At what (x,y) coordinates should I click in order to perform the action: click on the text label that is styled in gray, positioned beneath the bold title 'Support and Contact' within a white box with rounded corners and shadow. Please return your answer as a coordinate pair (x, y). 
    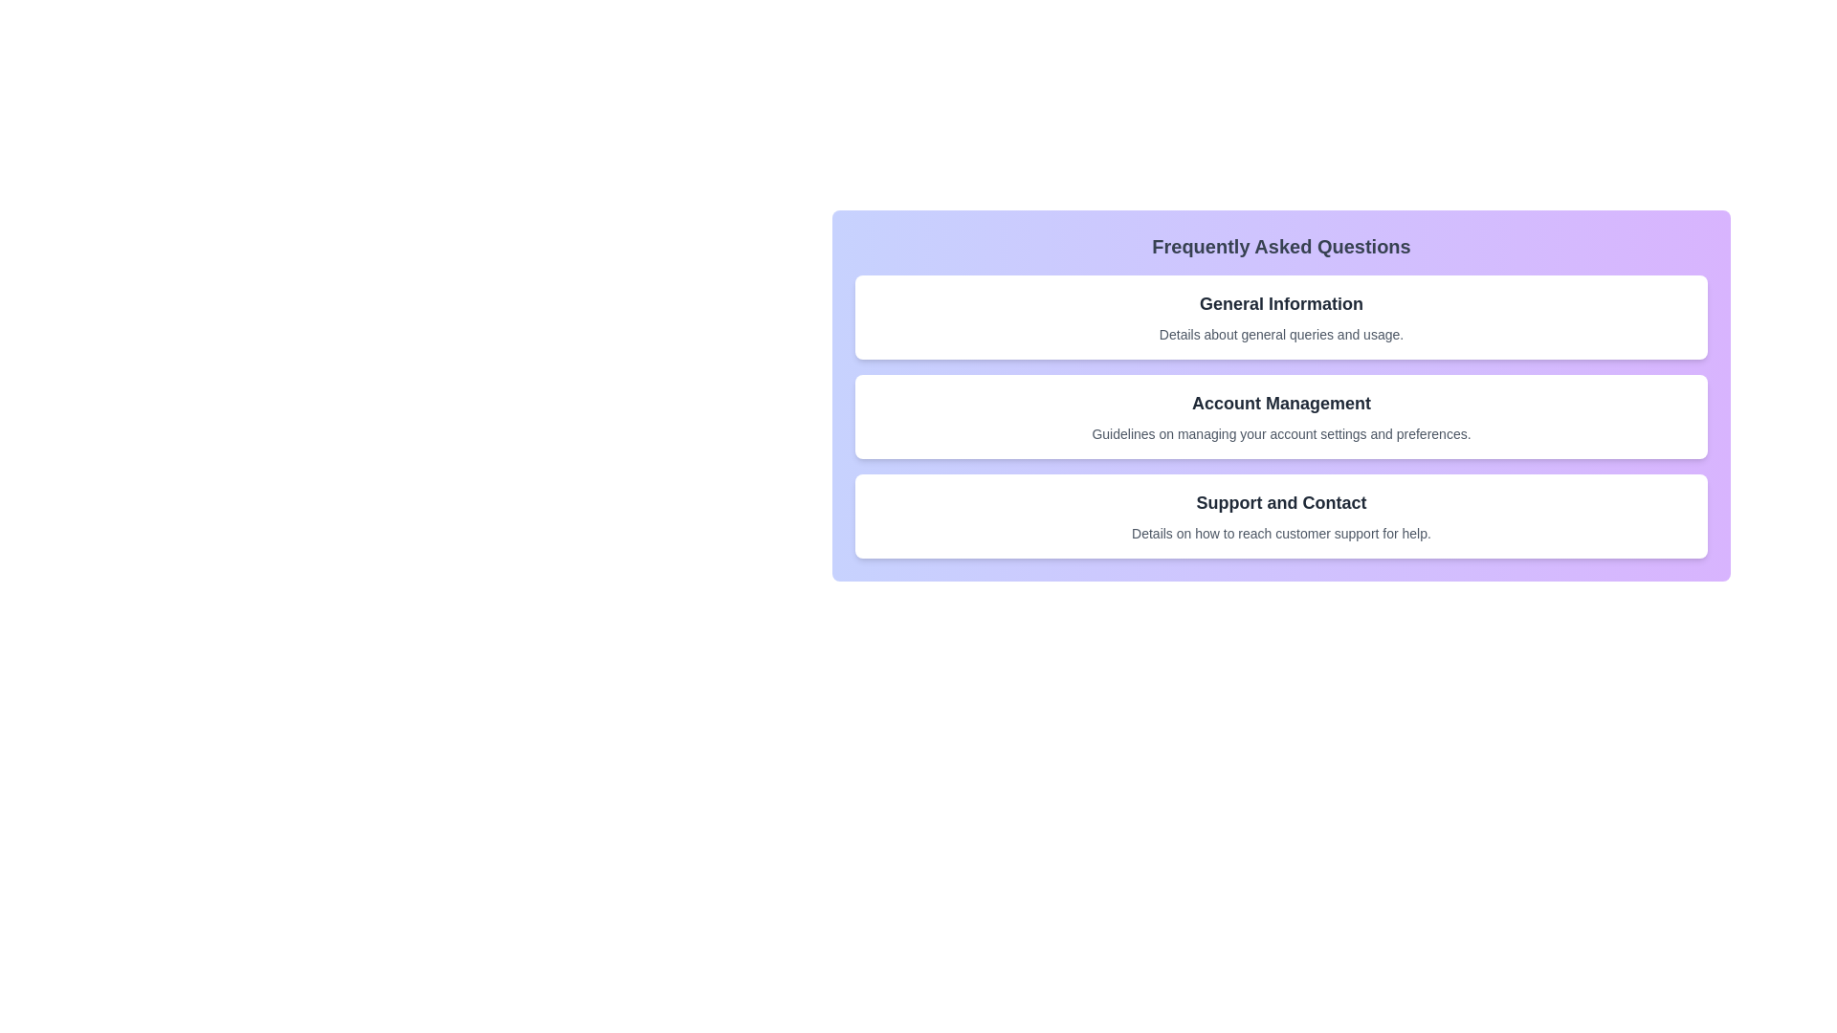
    Looking at the image, I should click on (1281, 534).